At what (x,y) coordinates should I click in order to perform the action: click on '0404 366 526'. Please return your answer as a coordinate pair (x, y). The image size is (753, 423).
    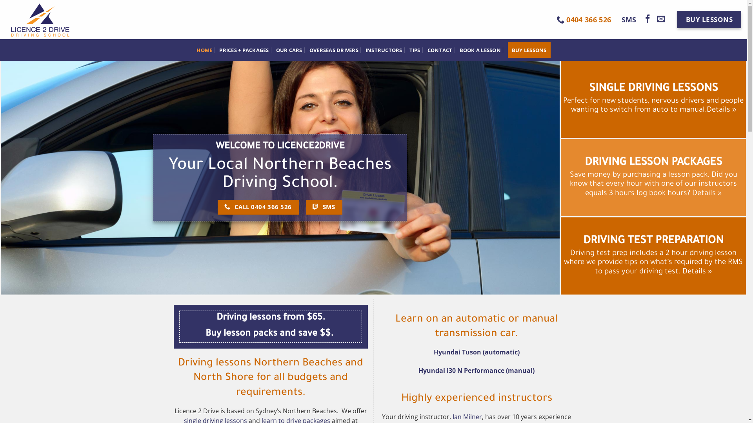
    Looking at the image, I should click on (584, 19).